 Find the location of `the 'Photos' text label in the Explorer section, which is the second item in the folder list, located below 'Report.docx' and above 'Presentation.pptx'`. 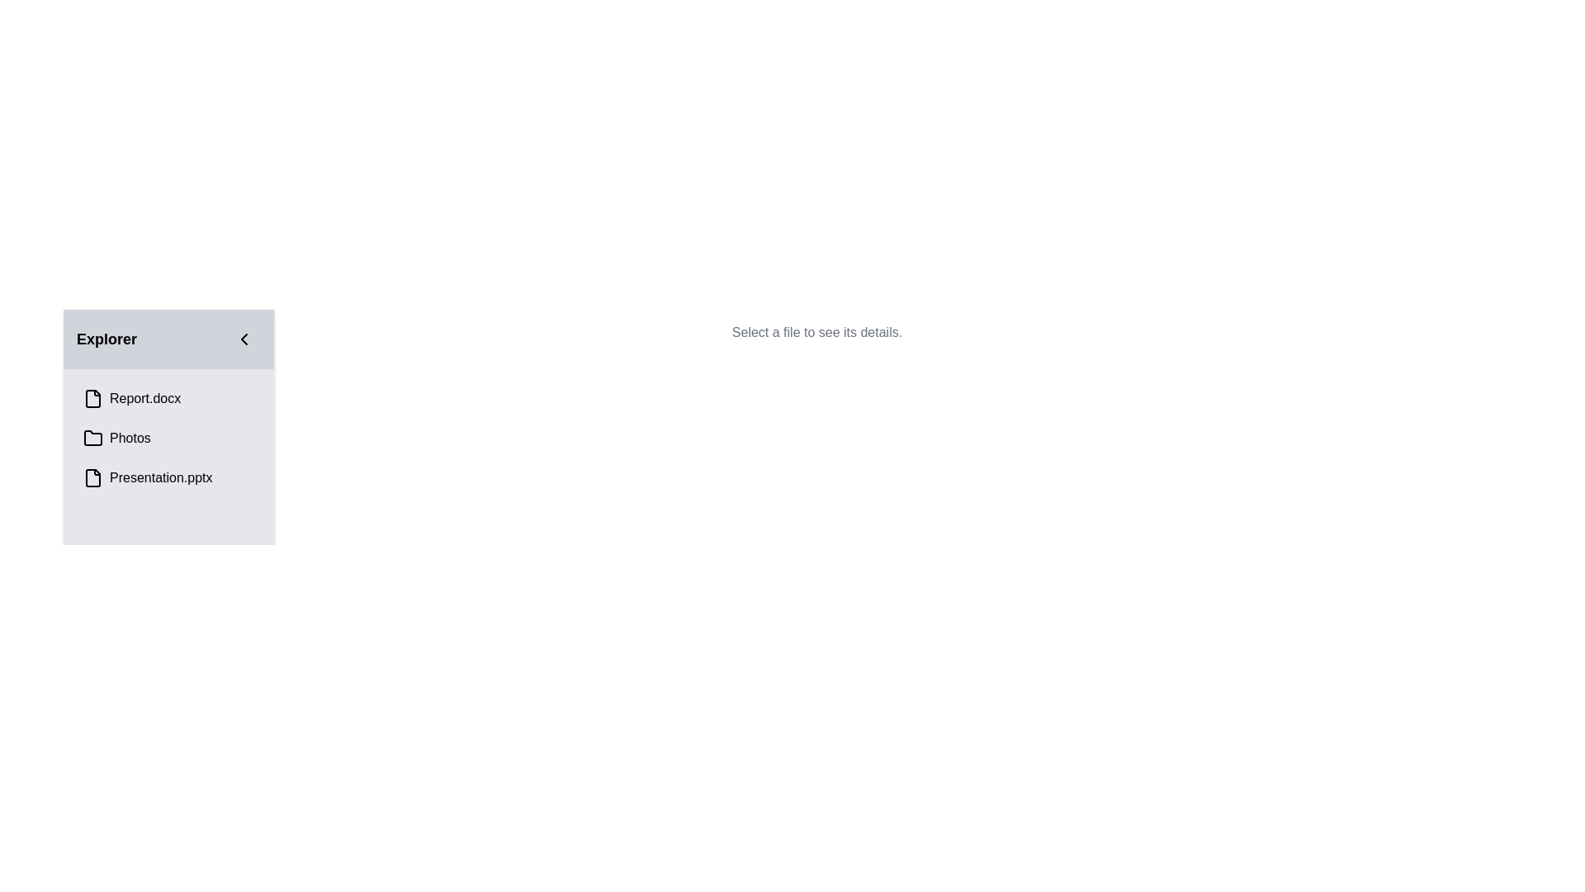

the 'Photos' text label in the Explorer section, which is the second item in the folder list, located below 'Report.docx' and above 'Presentation.pptx' is located at coordinates (129, 438).